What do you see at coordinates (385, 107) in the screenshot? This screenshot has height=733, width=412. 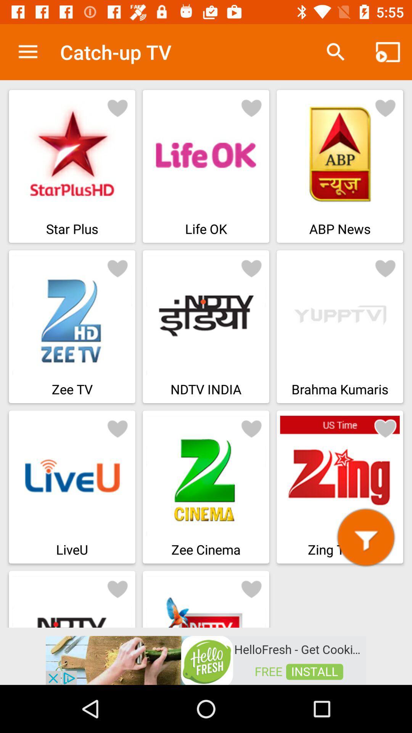 I see `good` at bounding box center [385, 107].